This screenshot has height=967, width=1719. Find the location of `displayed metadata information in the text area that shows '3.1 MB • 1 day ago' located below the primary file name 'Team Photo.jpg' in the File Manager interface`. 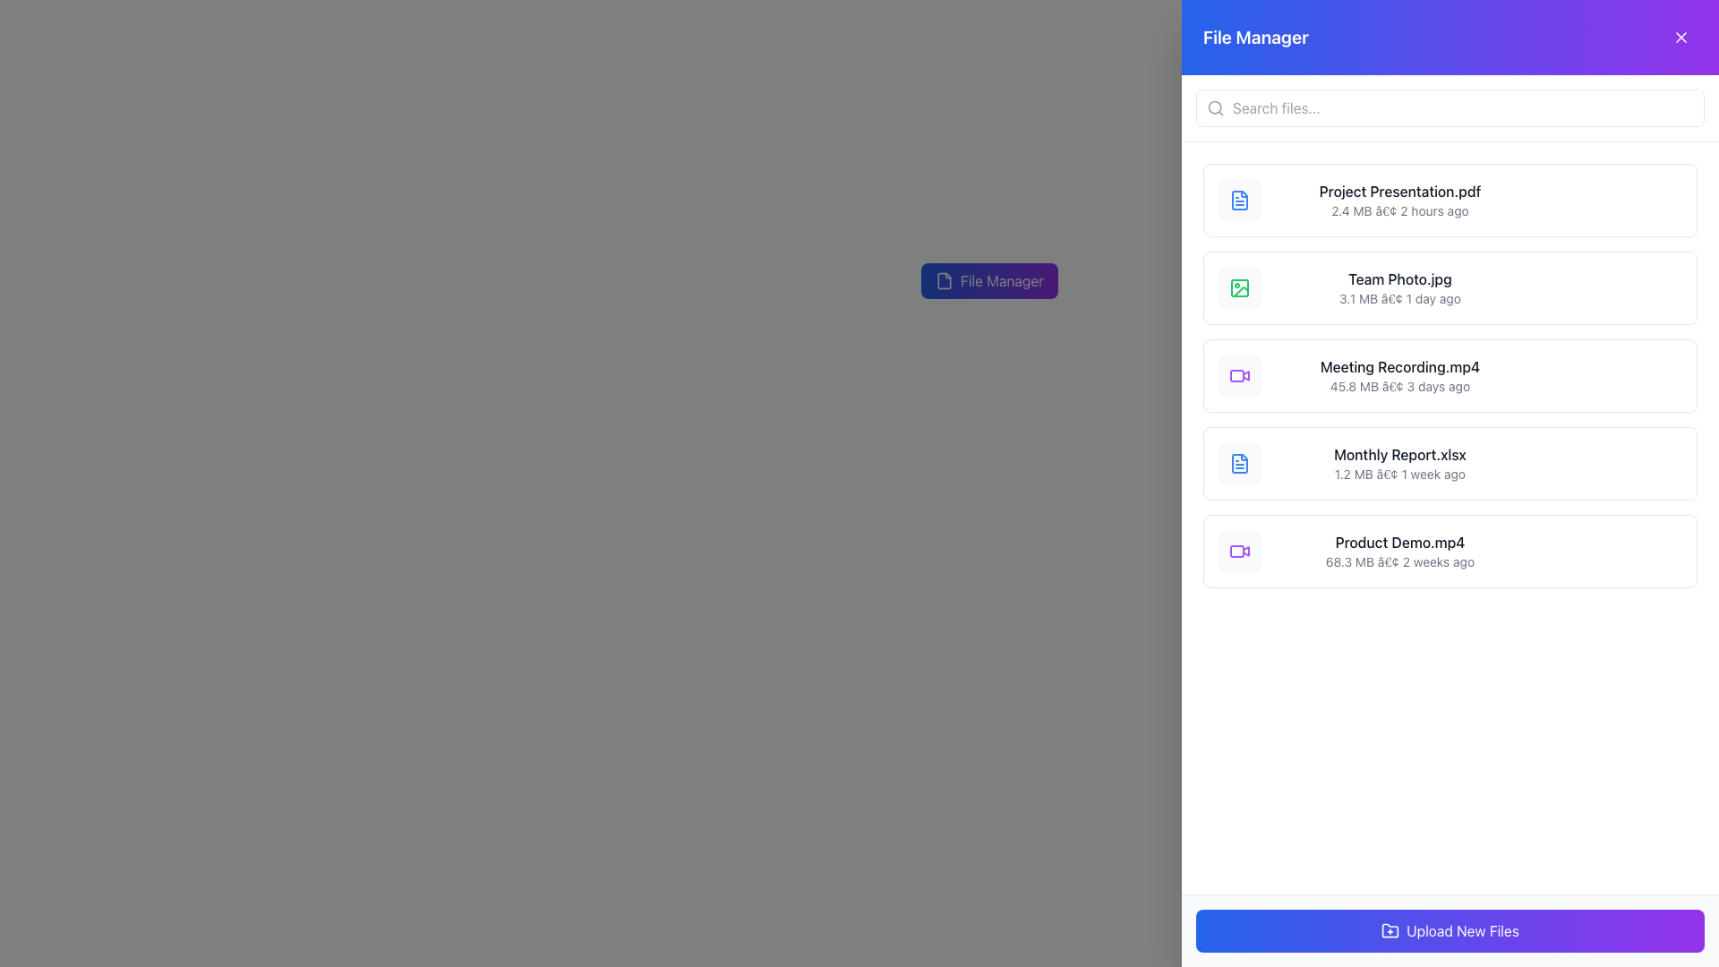

displayed metadata information in the text area that shows '3.1 MB • 1 day ago' located below the primary file name 'Team Photo.jpg' in the File Manager interface is located at coordinates (1399, 298).